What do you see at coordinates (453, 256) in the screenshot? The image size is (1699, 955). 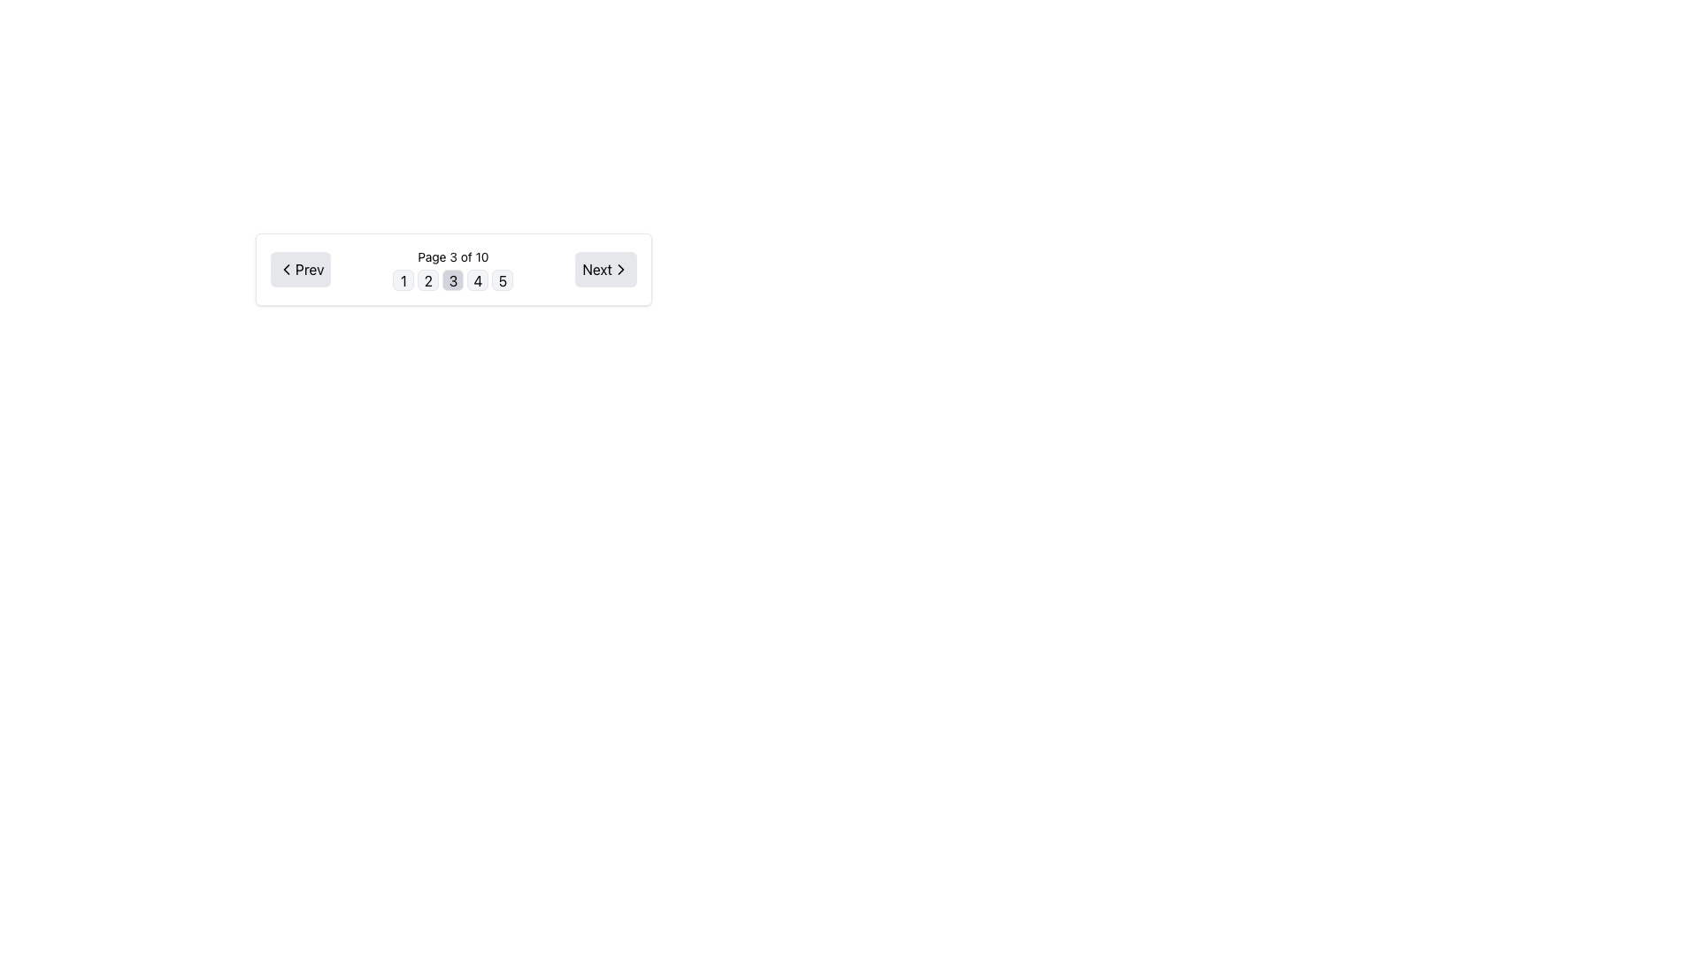 I see `the label displaying 'Page 3 of 10', which is centrally located in the pagination navigation bar above the numbered buttons` at bounding box center [453, 256].